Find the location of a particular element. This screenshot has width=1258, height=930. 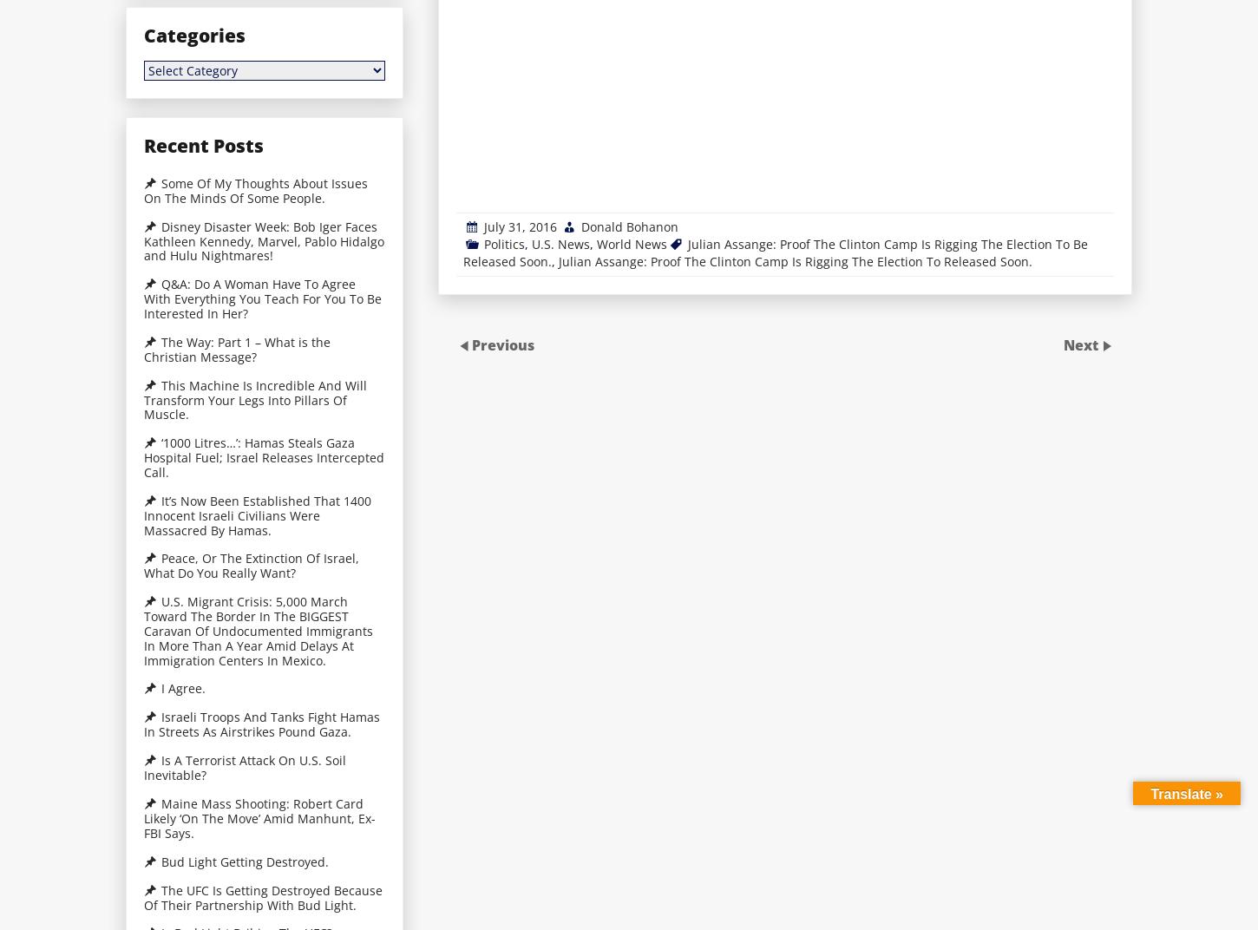

'Next' is located at coordinates (1083, 345).